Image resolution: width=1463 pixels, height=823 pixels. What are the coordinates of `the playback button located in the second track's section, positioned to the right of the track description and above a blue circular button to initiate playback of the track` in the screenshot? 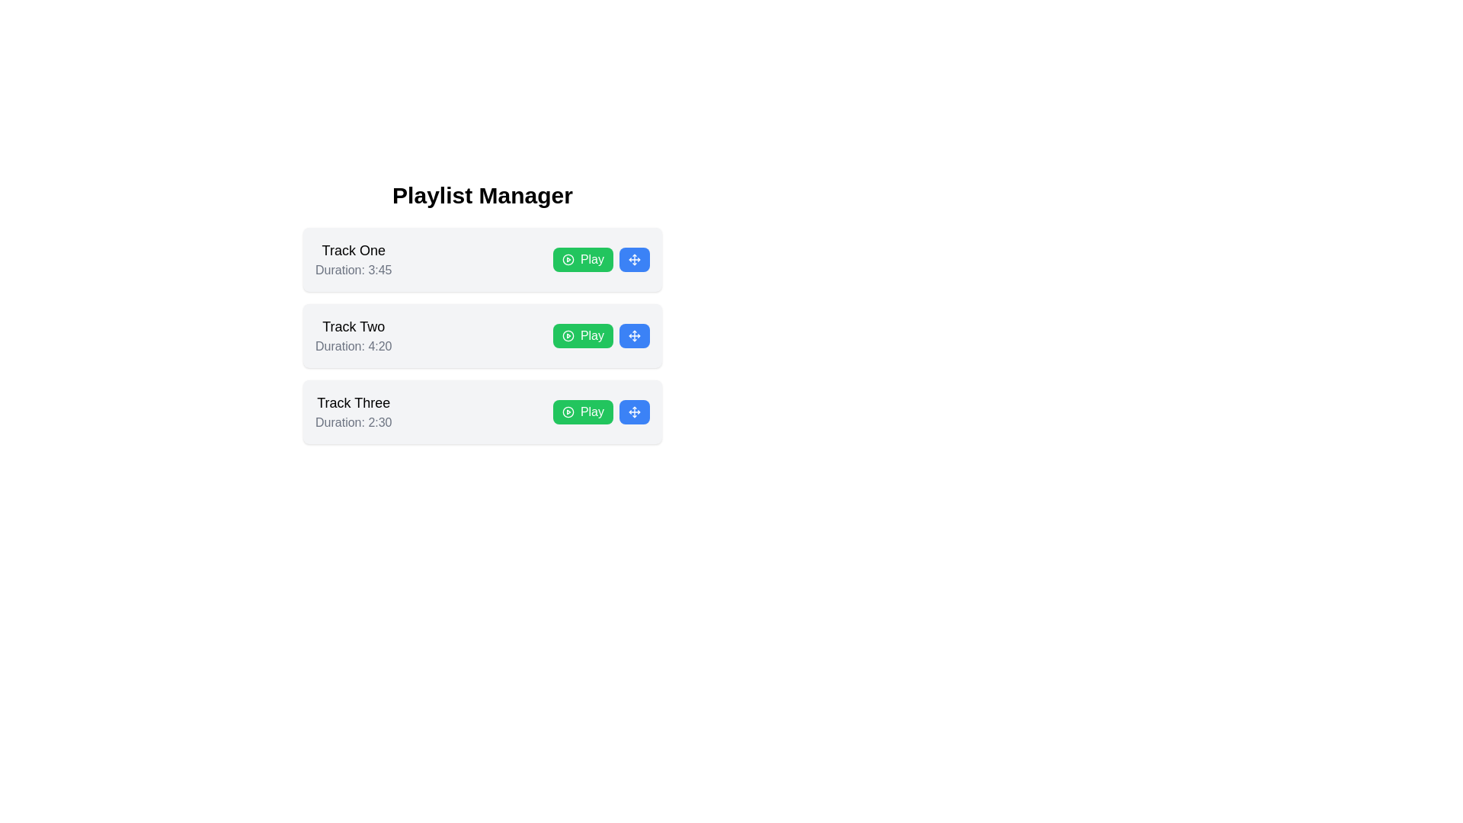 It's located at (600, 335).